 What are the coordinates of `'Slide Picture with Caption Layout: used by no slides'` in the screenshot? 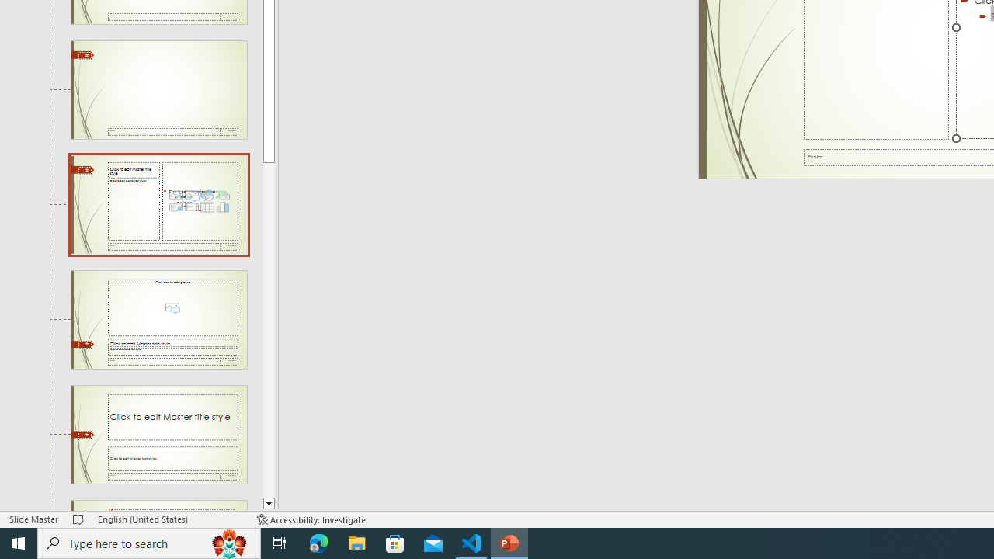 It's located at (158, 319).